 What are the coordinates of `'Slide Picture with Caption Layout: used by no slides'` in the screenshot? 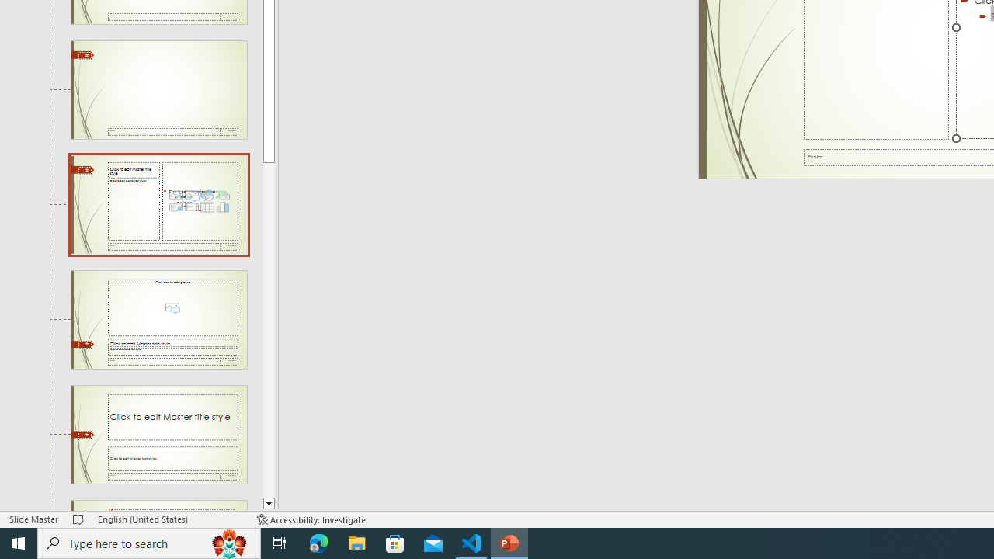 It's located at (158, 319).